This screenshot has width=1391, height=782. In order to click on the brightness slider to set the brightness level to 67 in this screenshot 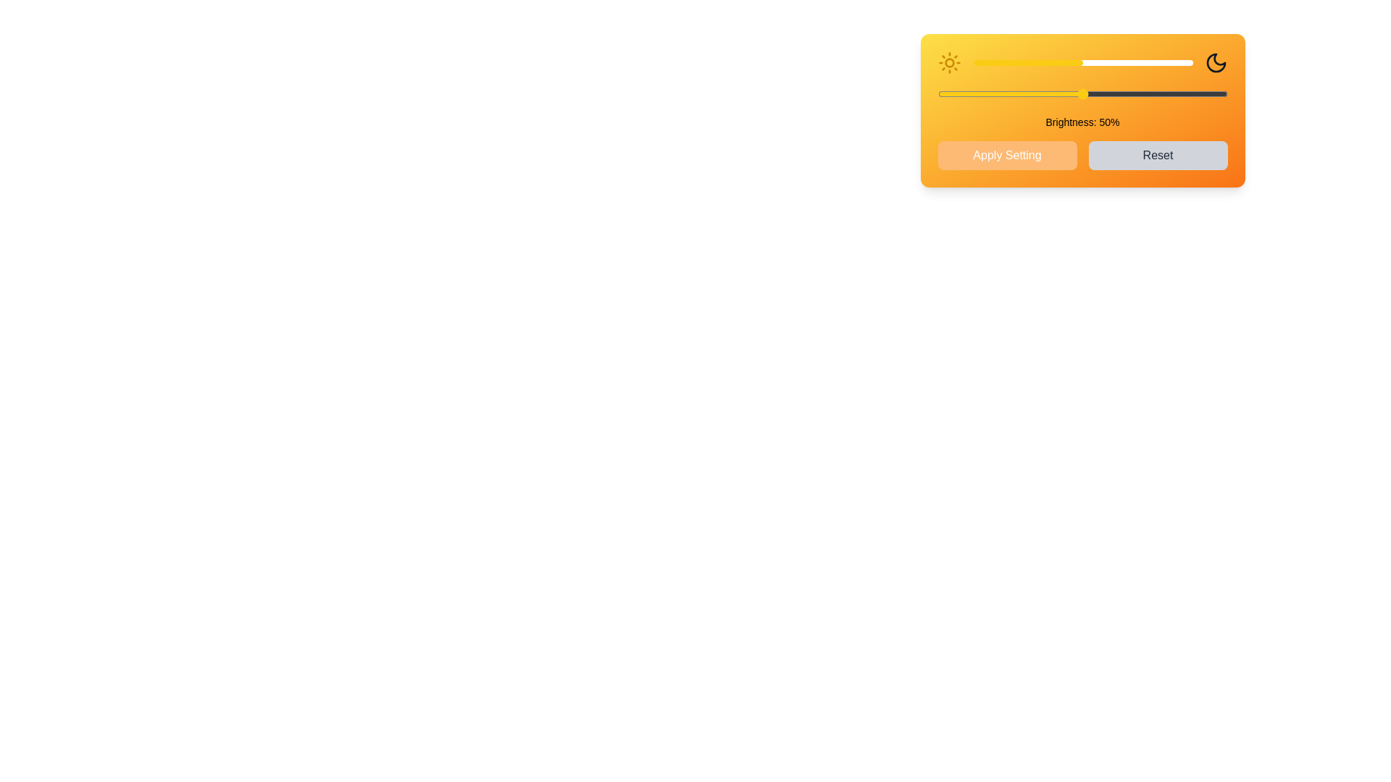, I will do `click(1119, 62)`.